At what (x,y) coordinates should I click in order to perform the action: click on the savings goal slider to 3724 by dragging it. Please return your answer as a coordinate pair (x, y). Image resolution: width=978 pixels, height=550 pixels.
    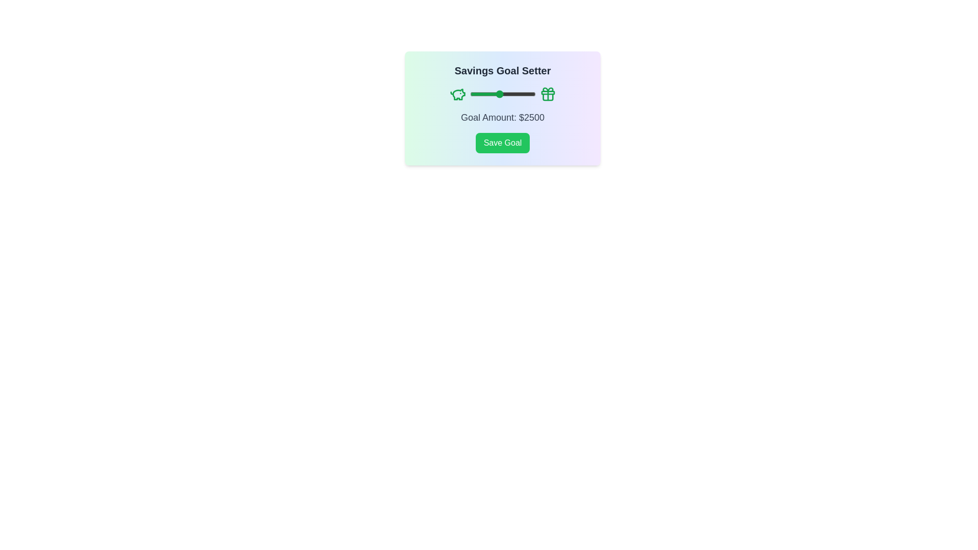
    Looking at the image, I should click on (517, 94).